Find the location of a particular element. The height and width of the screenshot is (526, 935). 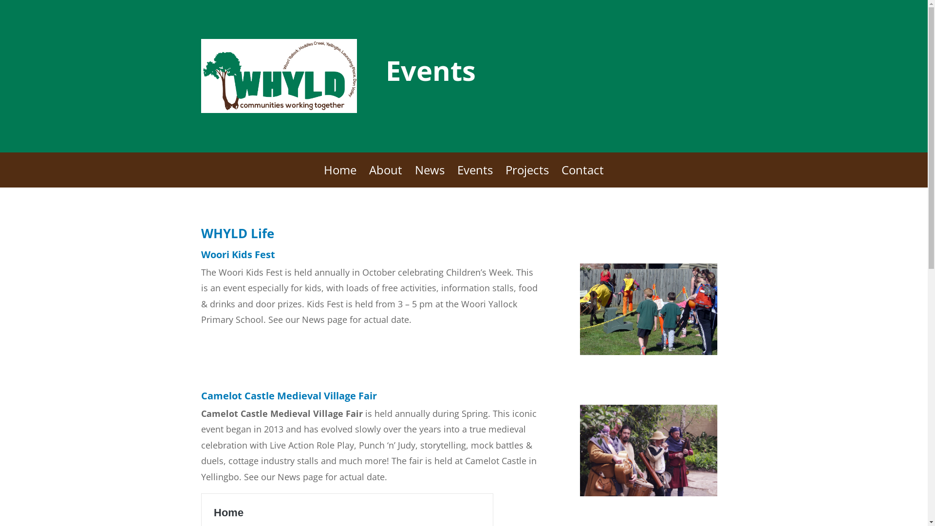

'News' is located at coordinates (429, 177).